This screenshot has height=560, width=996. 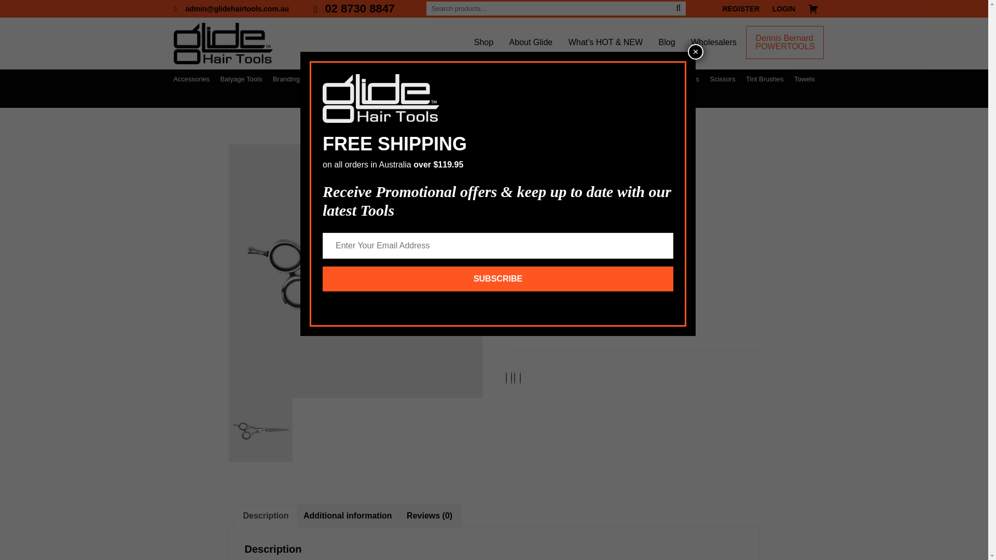 I want to click on 'admin@glidehairtools.com.au', so click(x=231, y=8).